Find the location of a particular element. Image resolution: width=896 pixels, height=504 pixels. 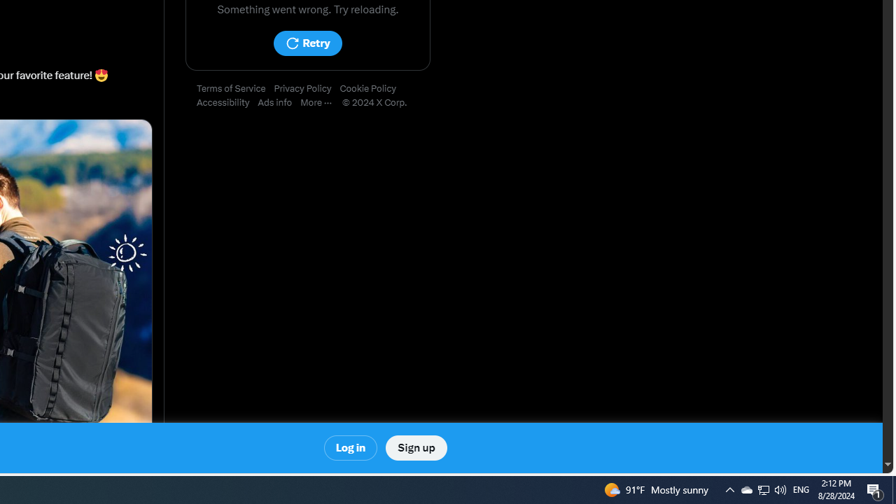

'Terms of Service' is located at coordinates (235, 89).